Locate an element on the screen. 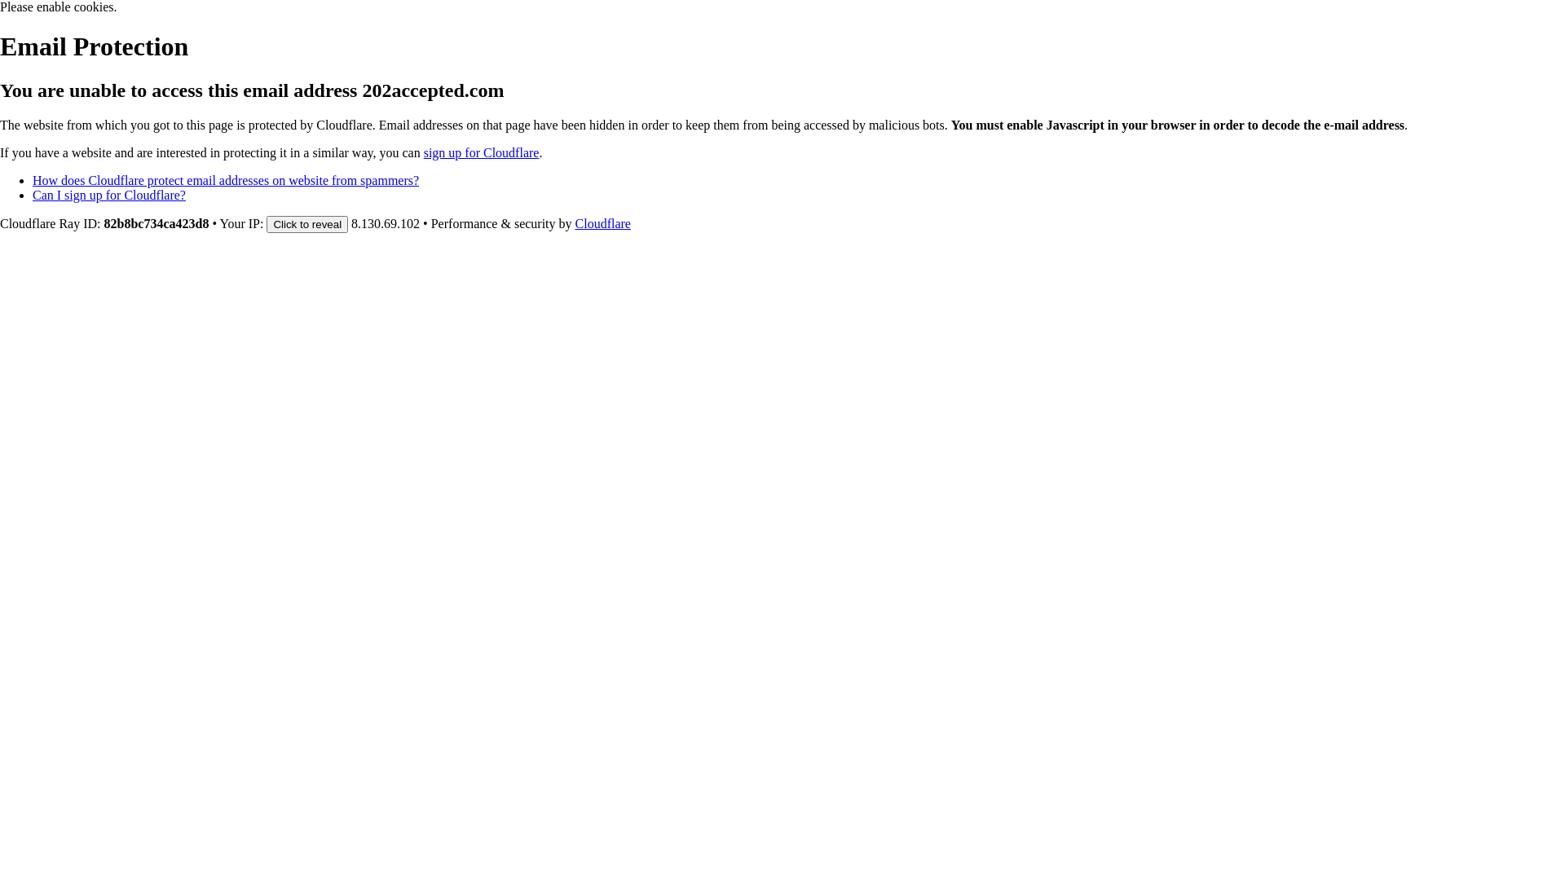 The image size is (1565, 880). 'Can I sign up for Cloudflare?' is located at coordinates (32, 194).